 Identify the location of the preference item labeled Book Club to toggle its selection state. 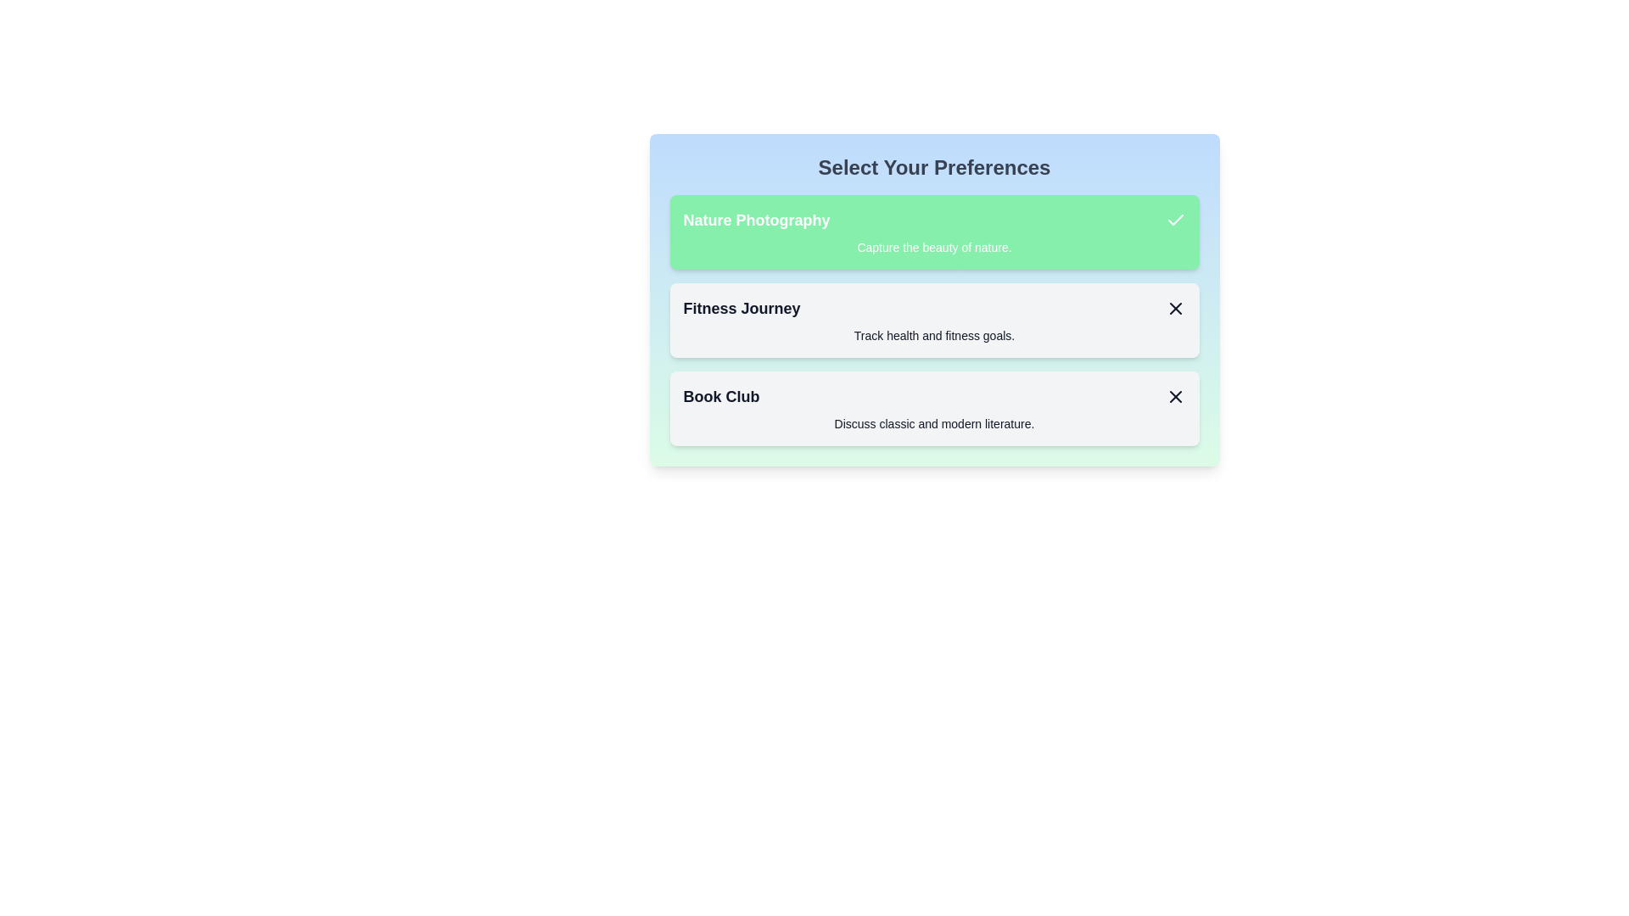
(933, 409).